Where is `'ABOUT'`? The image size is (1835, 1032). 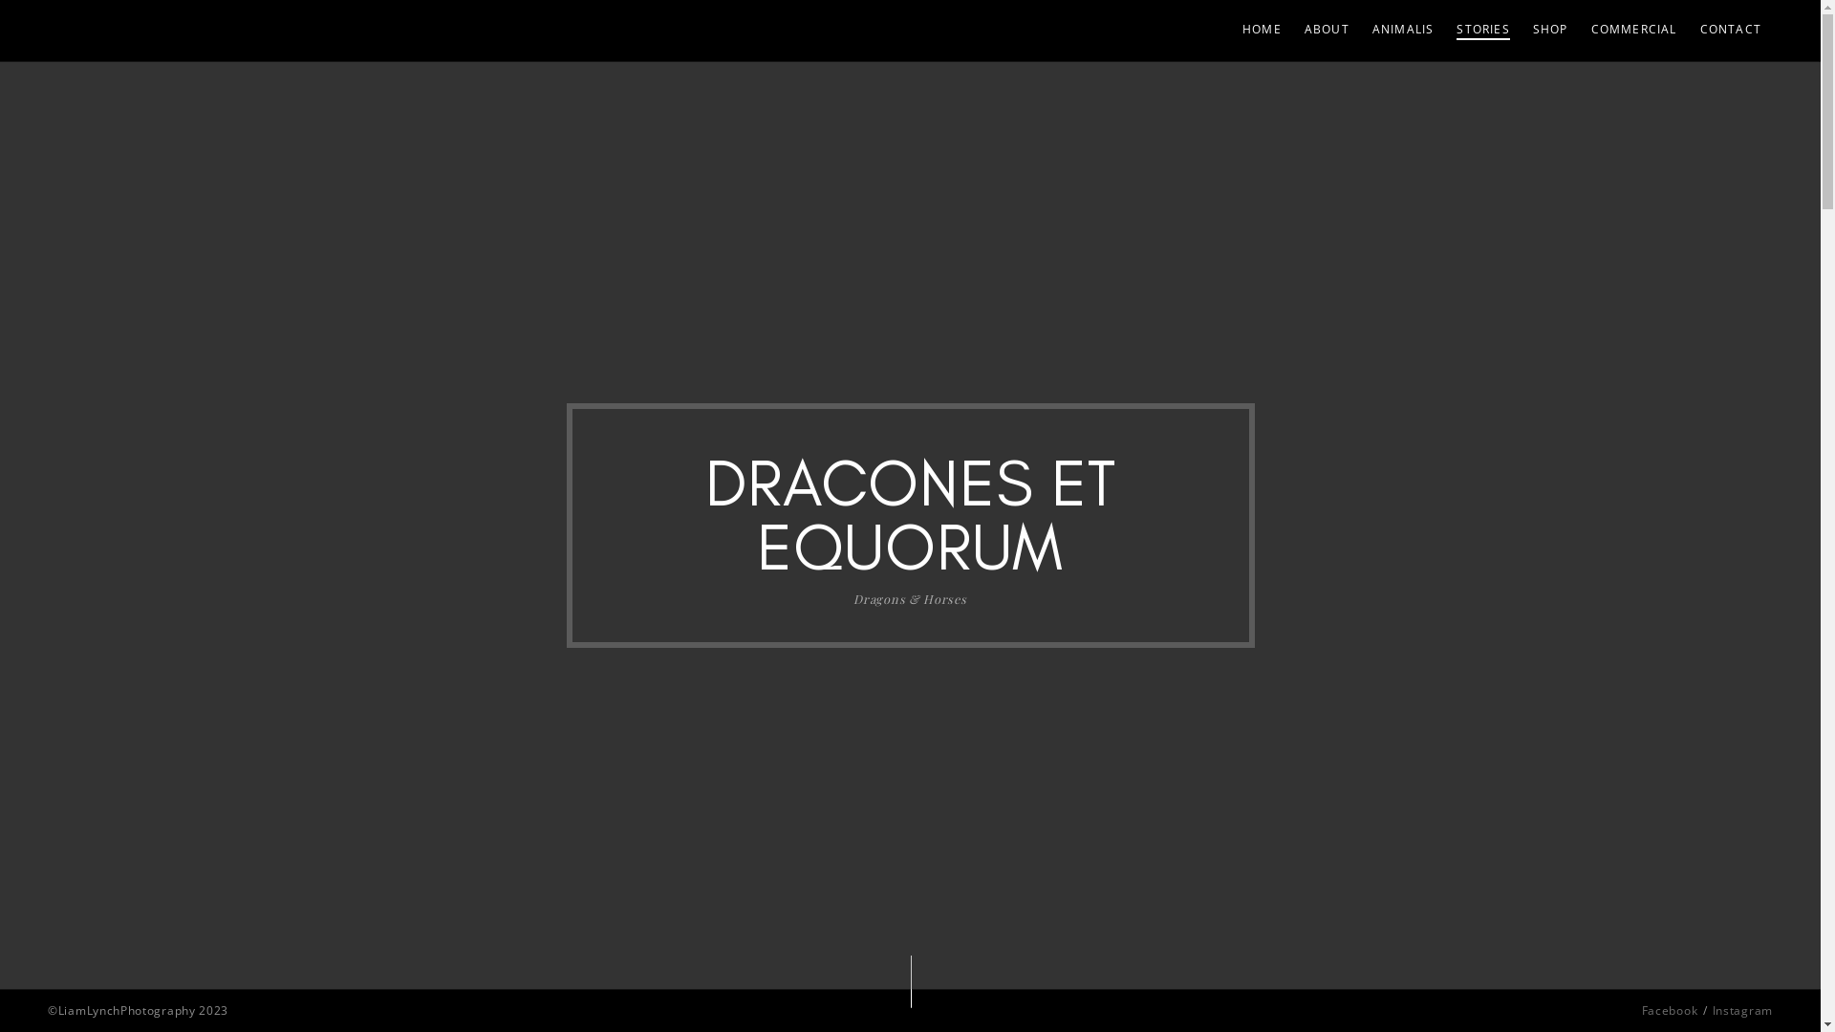
'ABOUT' is located at coordinates (1326, 30).